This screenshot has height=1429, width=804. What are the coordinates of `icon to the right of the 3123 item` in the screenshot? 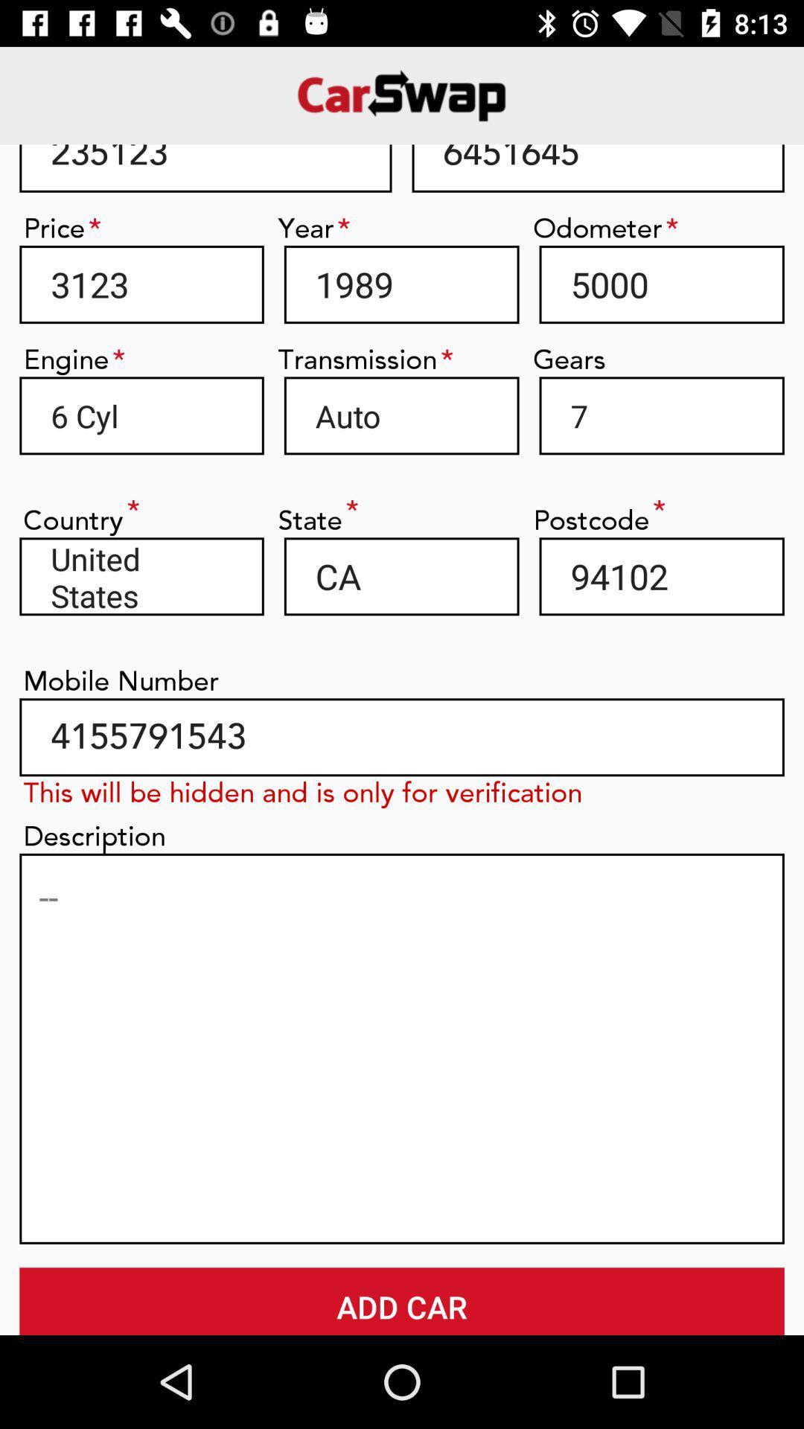 It's located at (401, 284).